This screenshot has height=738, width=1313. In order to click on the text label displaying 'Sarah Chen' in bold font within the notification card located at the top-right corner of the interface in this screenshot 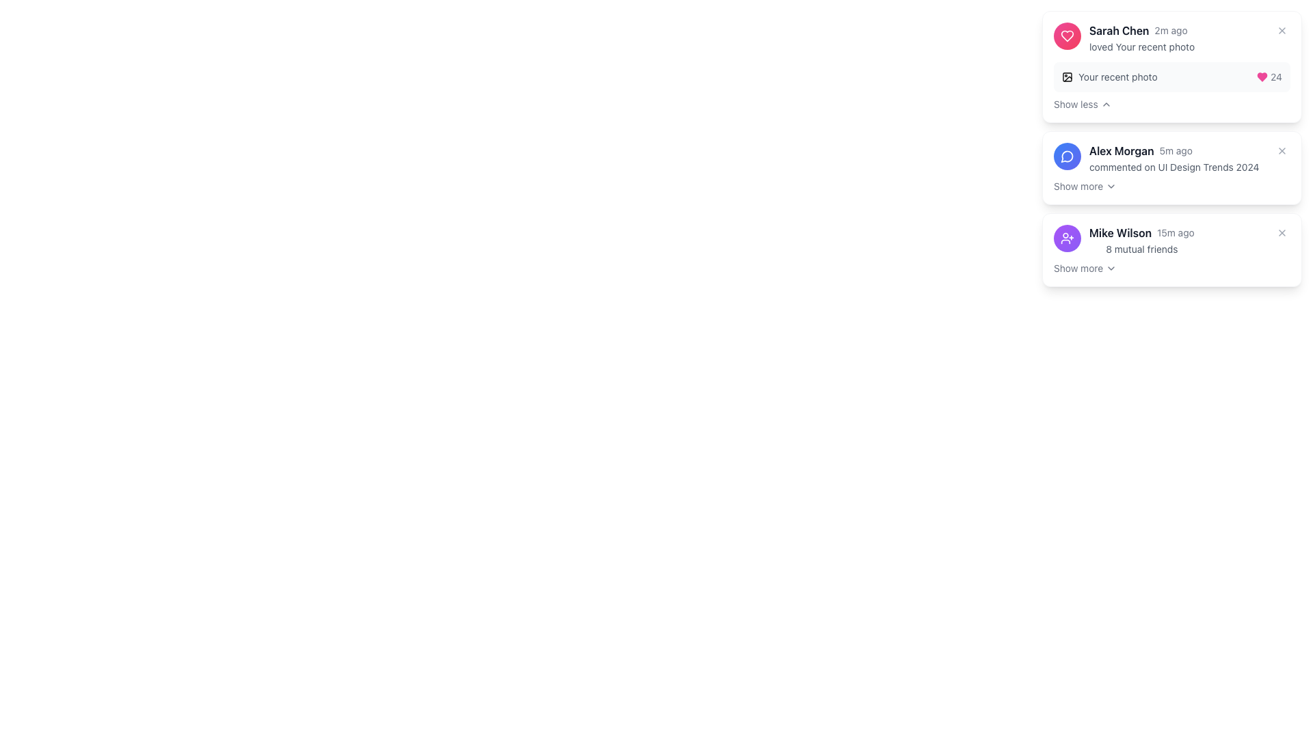, I will do `click(1119, 31)`.